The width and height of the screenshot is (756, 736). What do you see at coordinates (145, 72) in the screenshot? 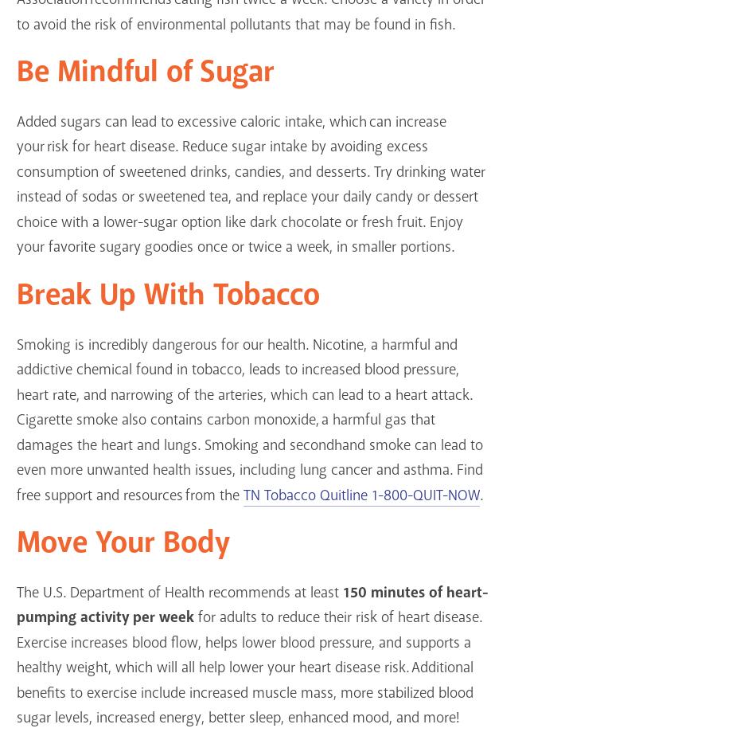
I see `'Be Mindful of Sugar'` at bounding box center [145, 72].